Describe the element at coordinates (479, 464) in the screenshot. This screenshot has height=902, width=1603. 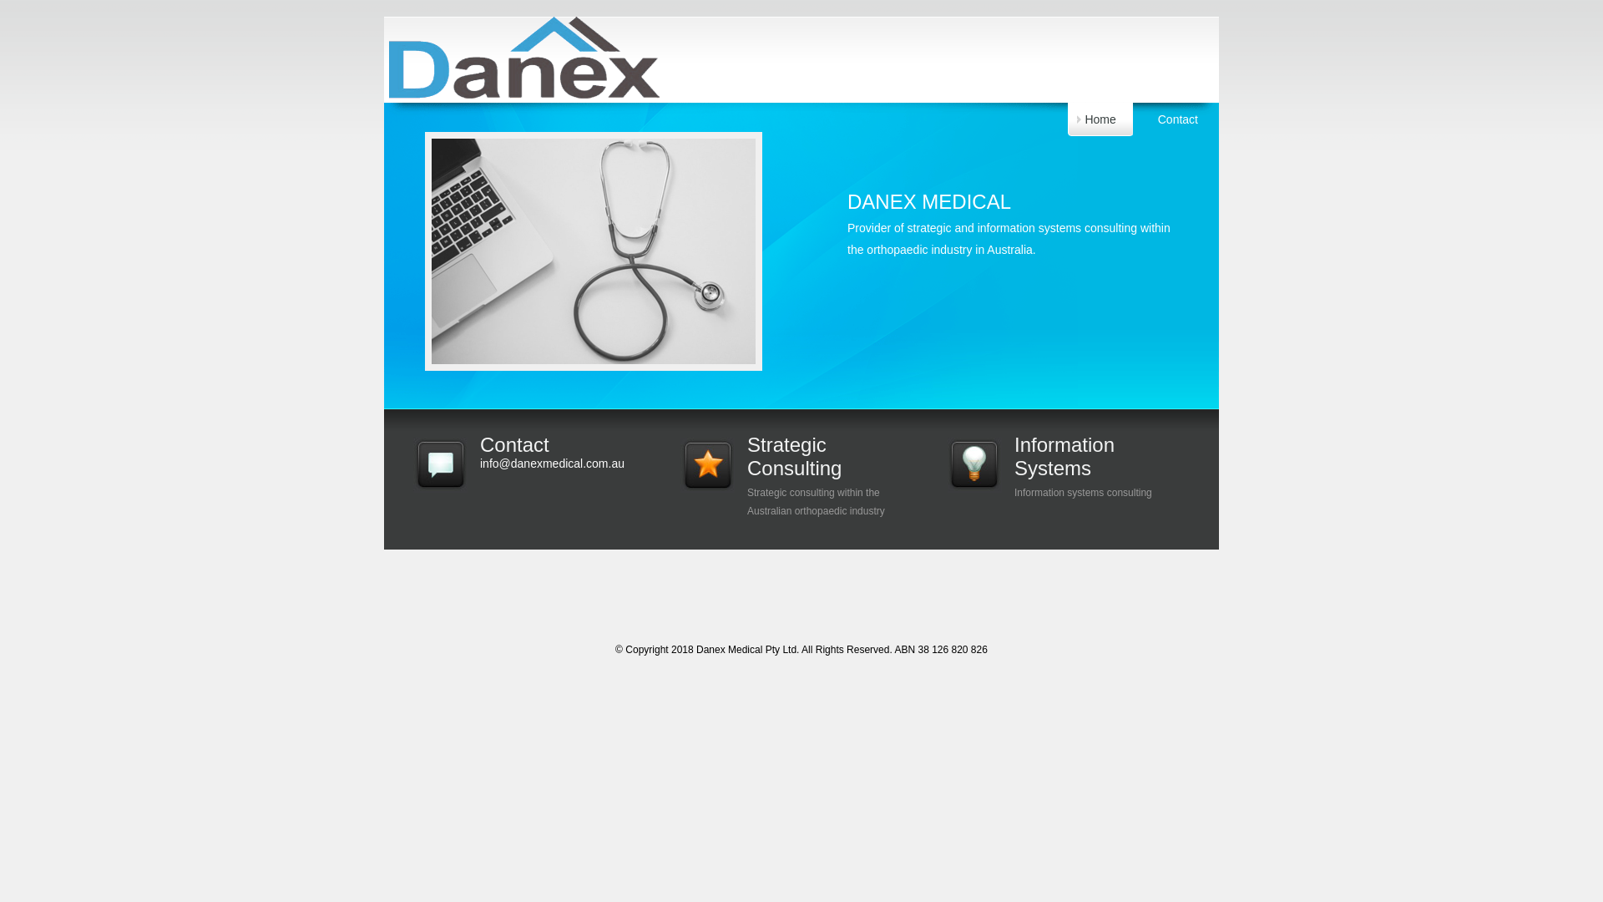
I see `'info@danexmedical.com.au'` at that location.